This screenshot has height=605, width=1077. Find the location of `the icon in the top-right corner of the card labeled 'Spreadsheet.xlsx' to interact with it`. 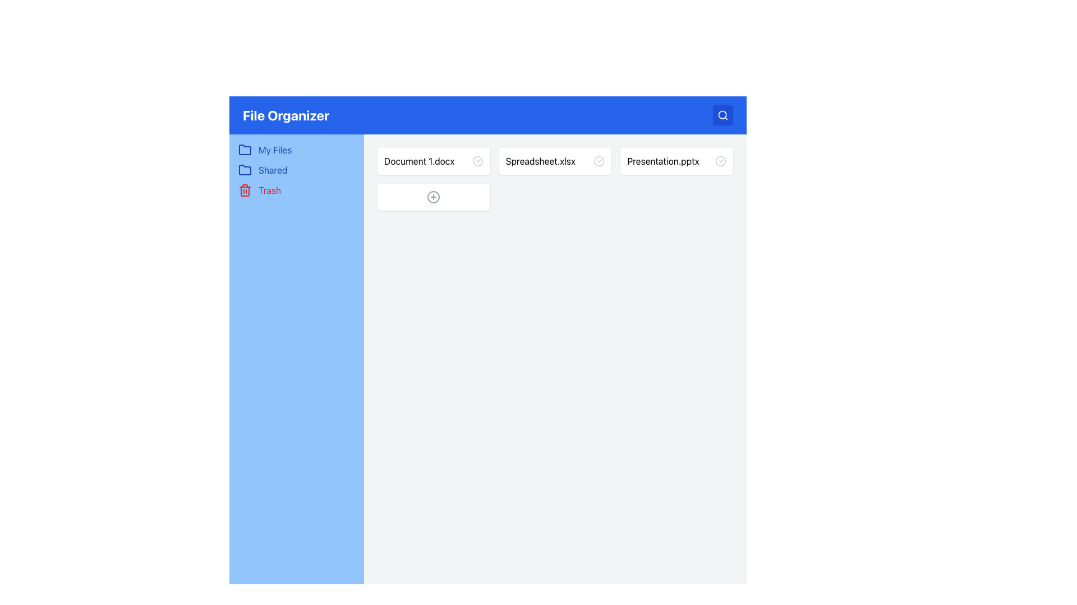

the icon in the top-right corner of the card labeled 'Spreadsheet.xlsx' to interact with it is located at coordinates (599, 161).